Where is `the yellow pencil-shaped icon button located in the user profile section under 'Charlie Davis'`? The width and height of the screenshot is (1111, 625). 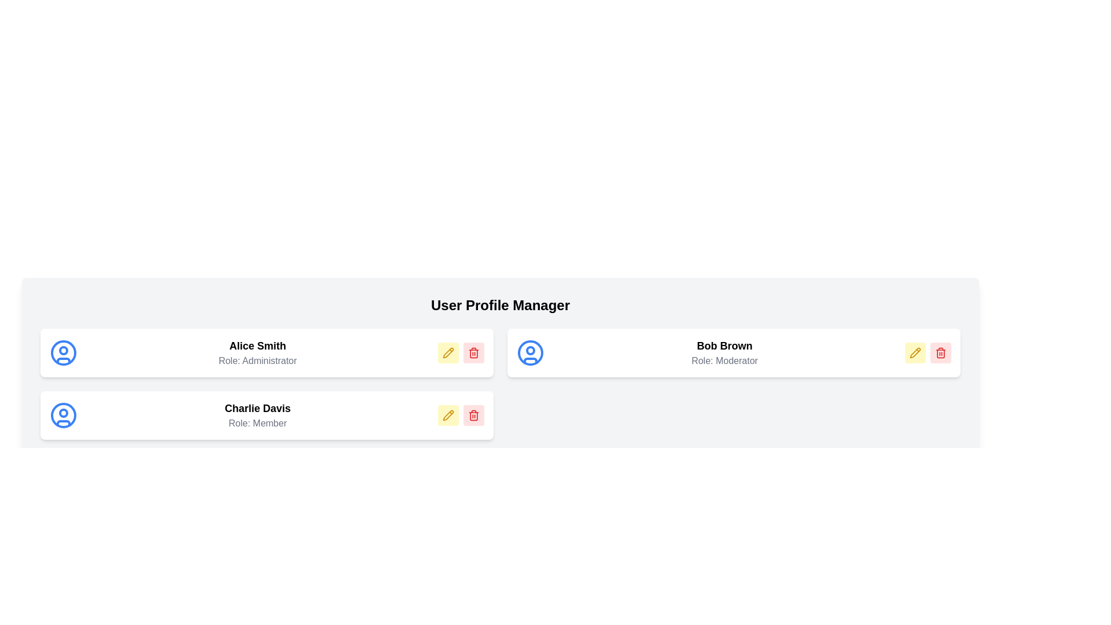 the yellow pencil-shaped icon button located in the user profile section under 'Charlie Davis' is located at coordinates (447, 414).